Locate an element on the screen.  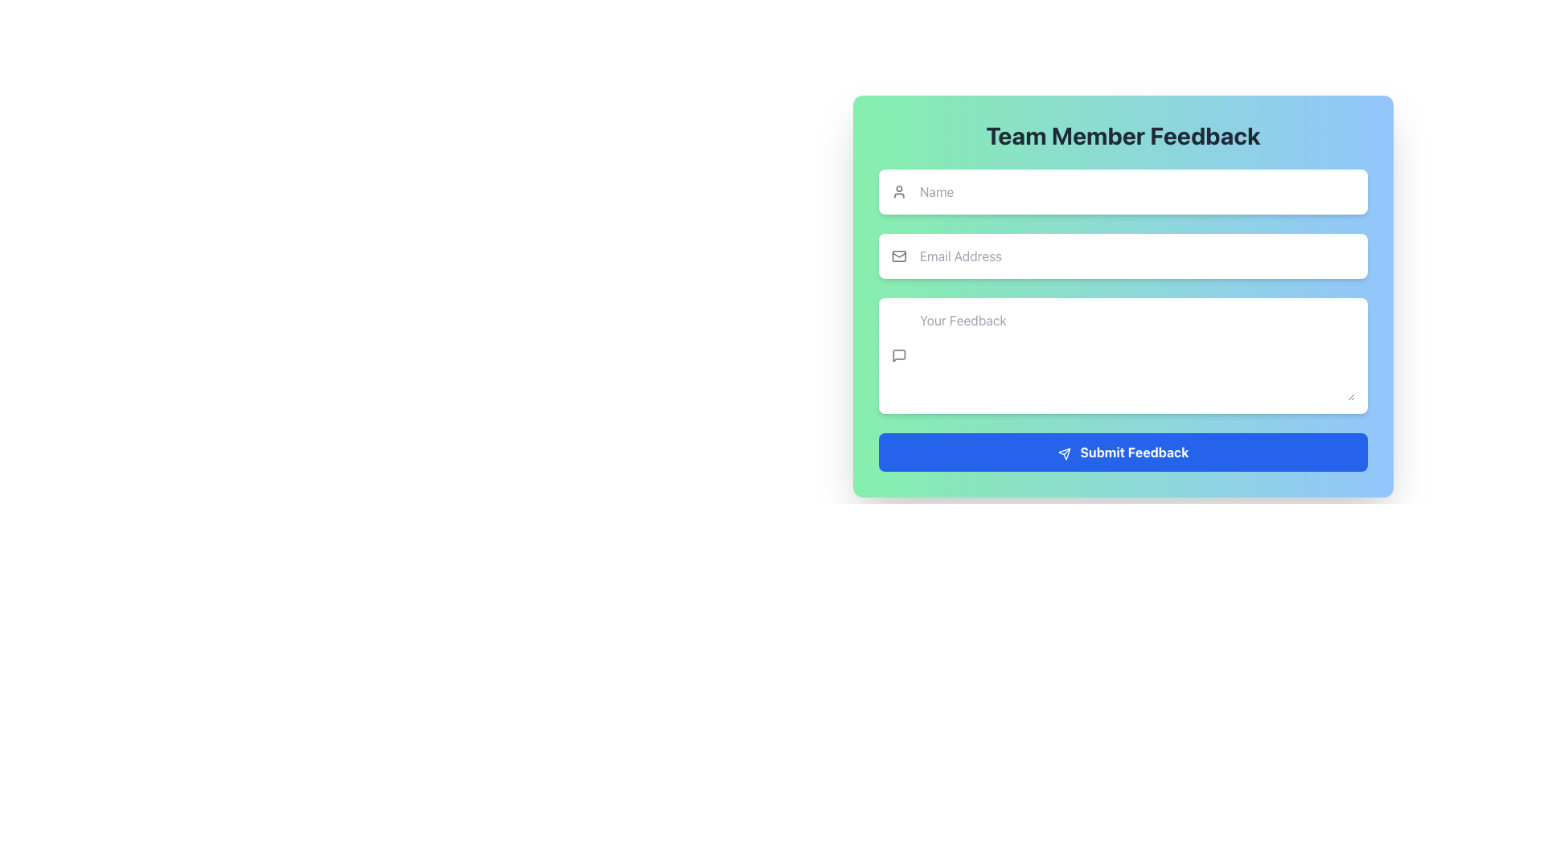
the small mail icon with a gray border and white background, located to the left of the 'Email Address' input field in the 'Team Member Feedback' form is located at coordinates (898, 256).